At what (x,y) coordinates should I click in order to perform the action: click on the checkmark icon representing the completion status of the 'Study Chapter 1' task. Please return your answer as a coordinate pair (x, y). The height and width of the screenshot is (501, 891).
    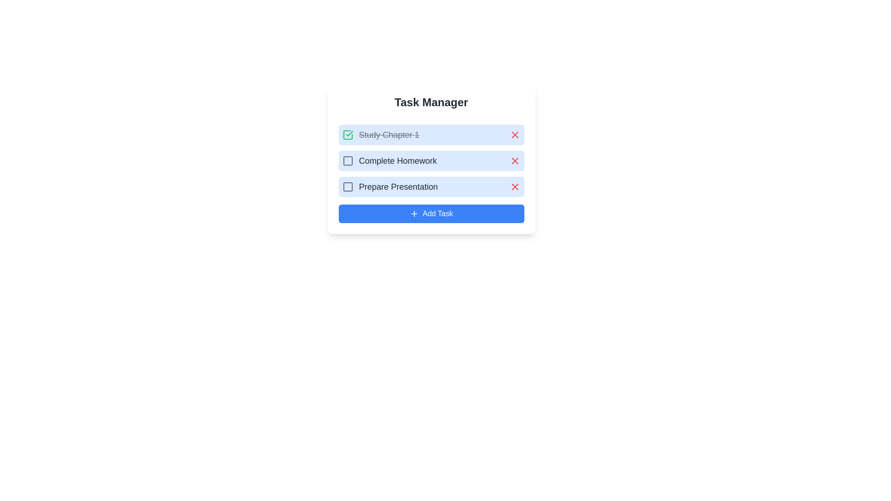
    Looking at the image, I should click on (349, 134).